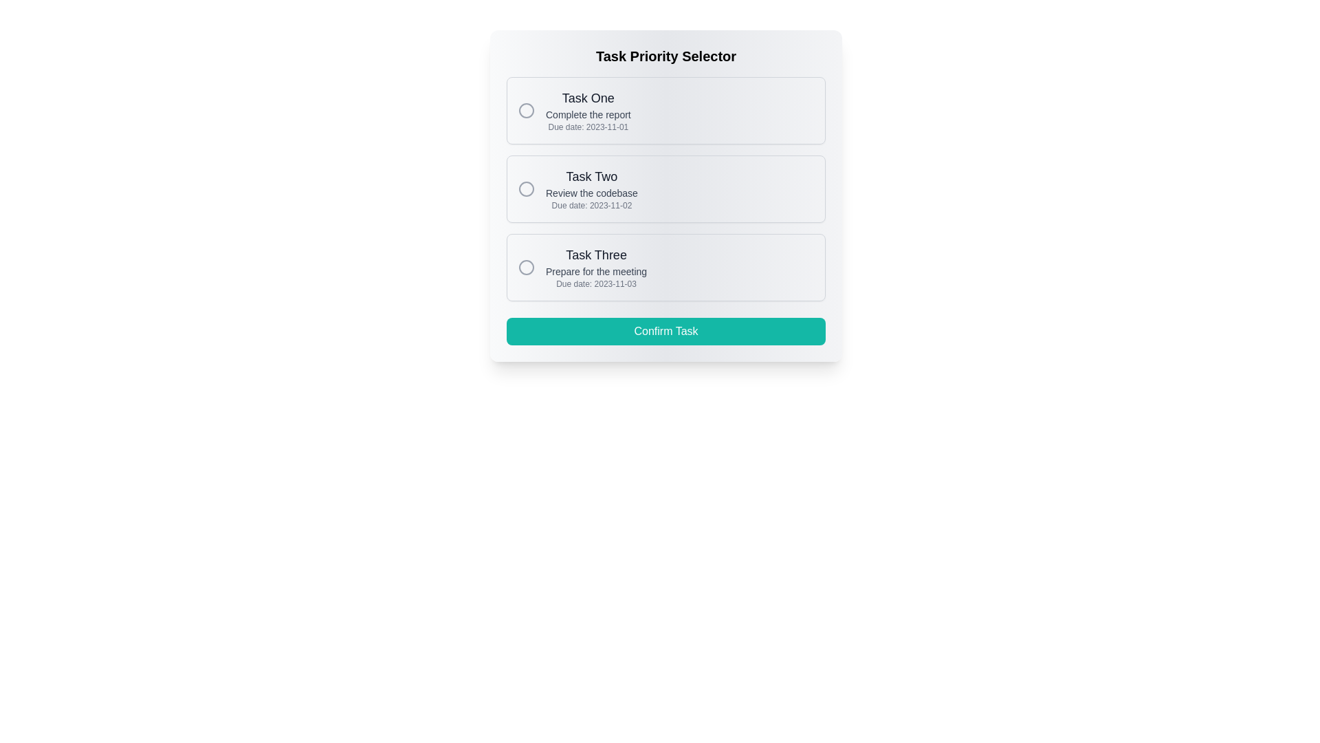  Describe the element at coordinates (526, 110) in the screenshot. I see `the Circular selection indicator (SVG Circle) located to the left of 'Task One'` at that location.